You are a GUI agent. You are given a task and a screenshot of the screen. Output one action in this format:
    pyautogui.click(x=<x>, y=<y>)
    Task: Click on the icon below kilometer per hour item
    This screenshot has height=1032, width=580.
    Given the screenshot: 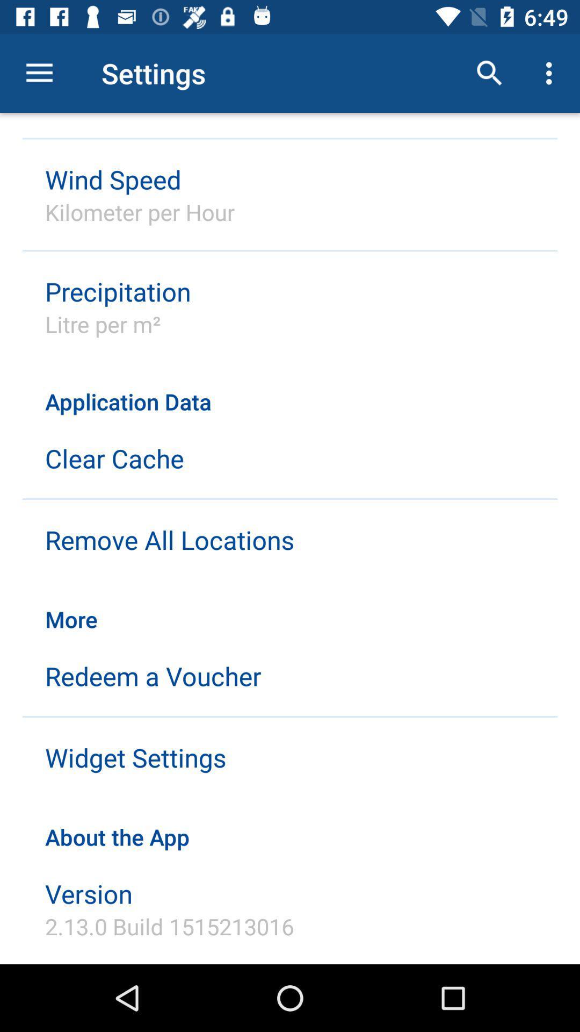 What is the action you would take?
    pyautogui.click(x=118, y=291)
    